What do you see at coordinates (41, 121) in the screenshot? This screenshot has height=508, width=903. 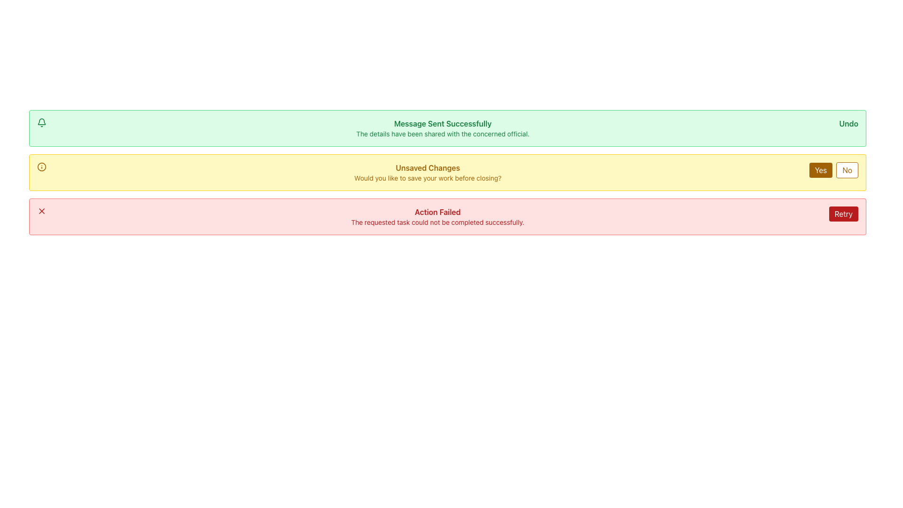 I see `the bell outline icon, which is styled in bold green and located in the top-left corner of the green notification banner` at bounding box center [41, 121].